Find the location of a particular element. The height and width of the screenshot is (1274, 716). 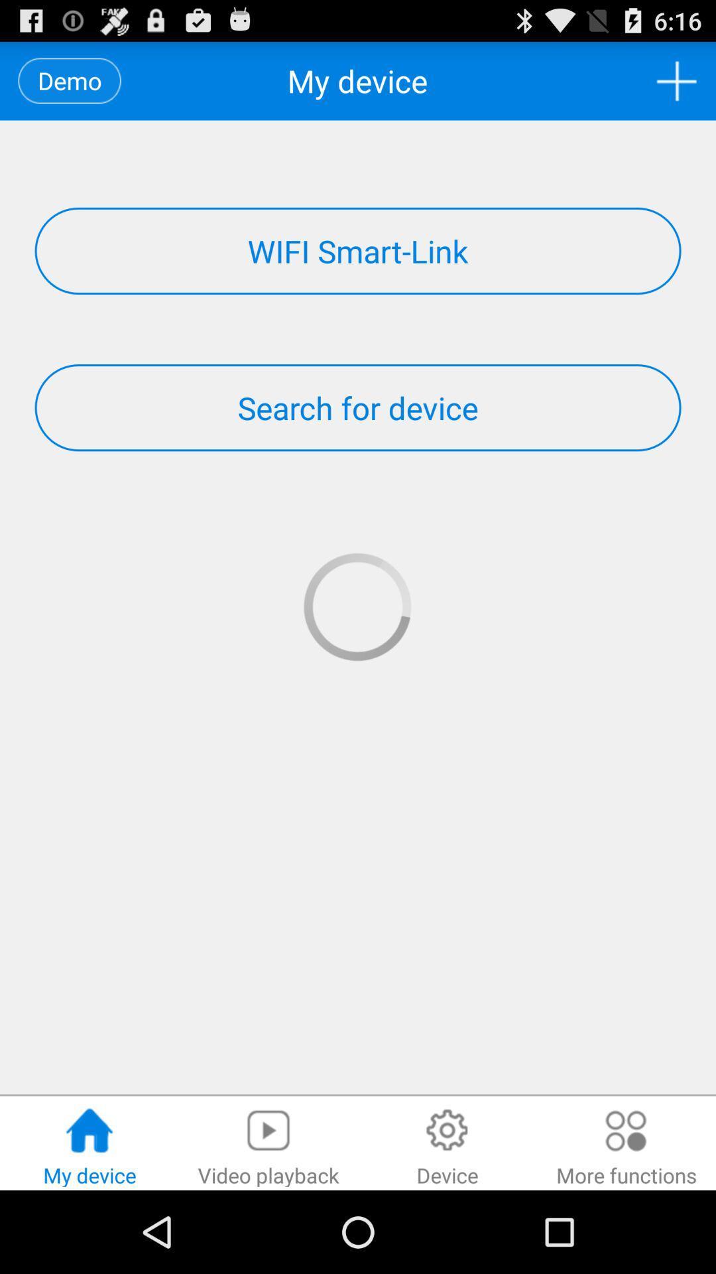

increase is located at coordinates (676, 80).